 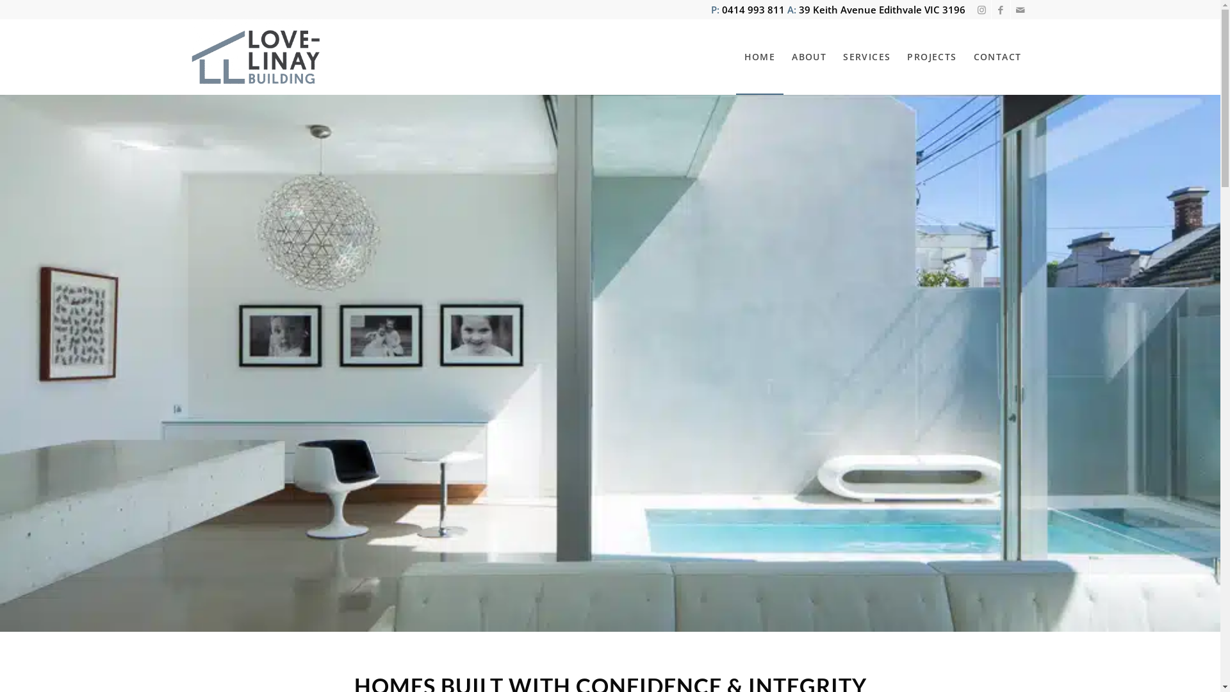 I want to click on 'SERVICES', so click(x=867, y=56).